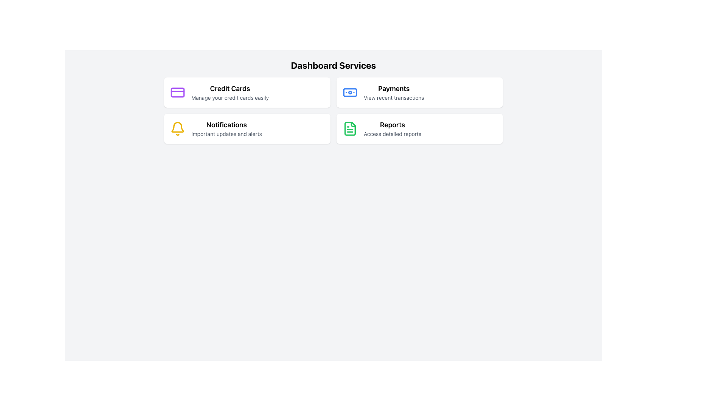  I want to click on the Text label that serves as a title for the credit card functionalities section, located in the top left section of the grid layout, so click(230, 88).